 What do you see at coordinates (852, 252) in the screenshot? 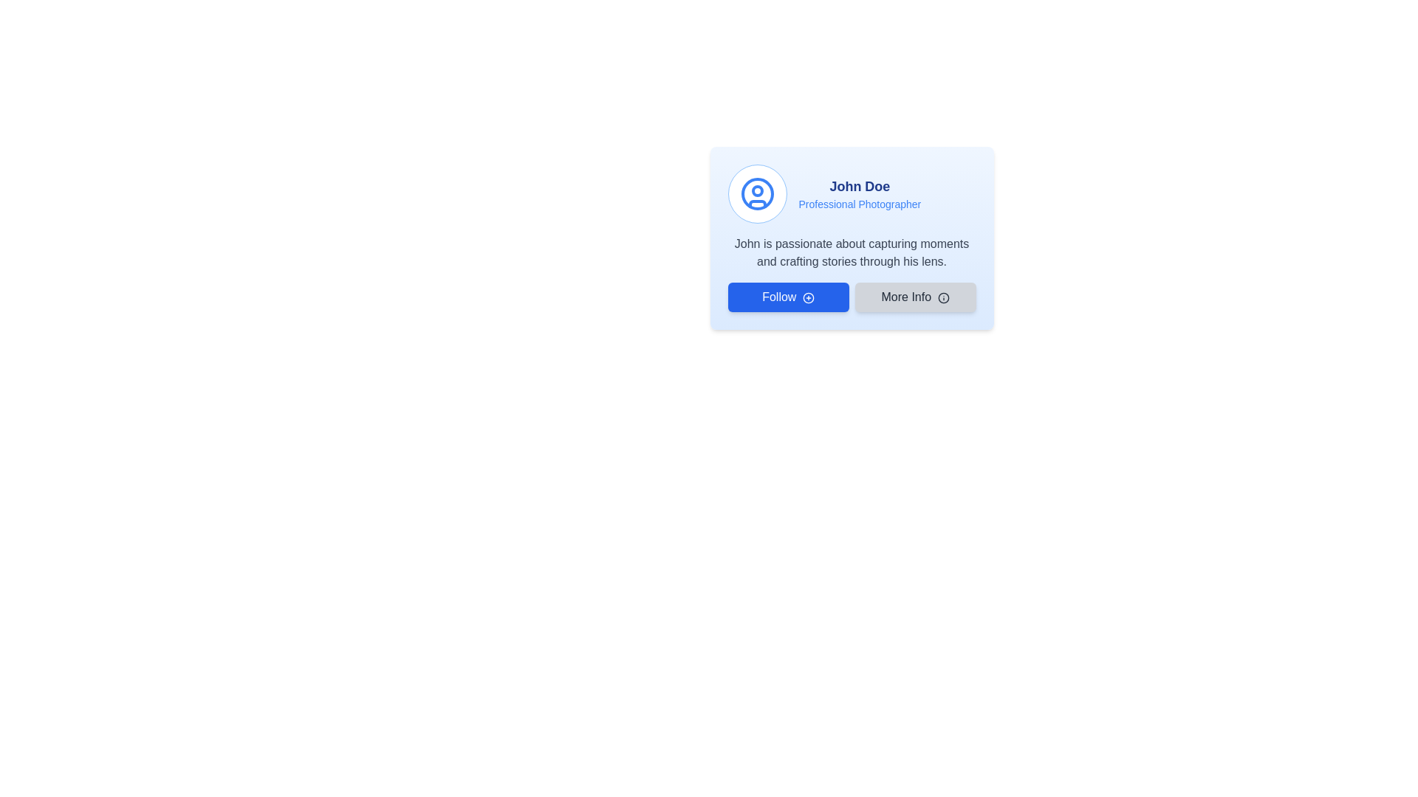
I see `the descriptive text element about John and his passion for photography, which is located between the title 'John Doe' and the interactive buttons 'Follow' and 'More Info'` at bounding box center [852, 252].